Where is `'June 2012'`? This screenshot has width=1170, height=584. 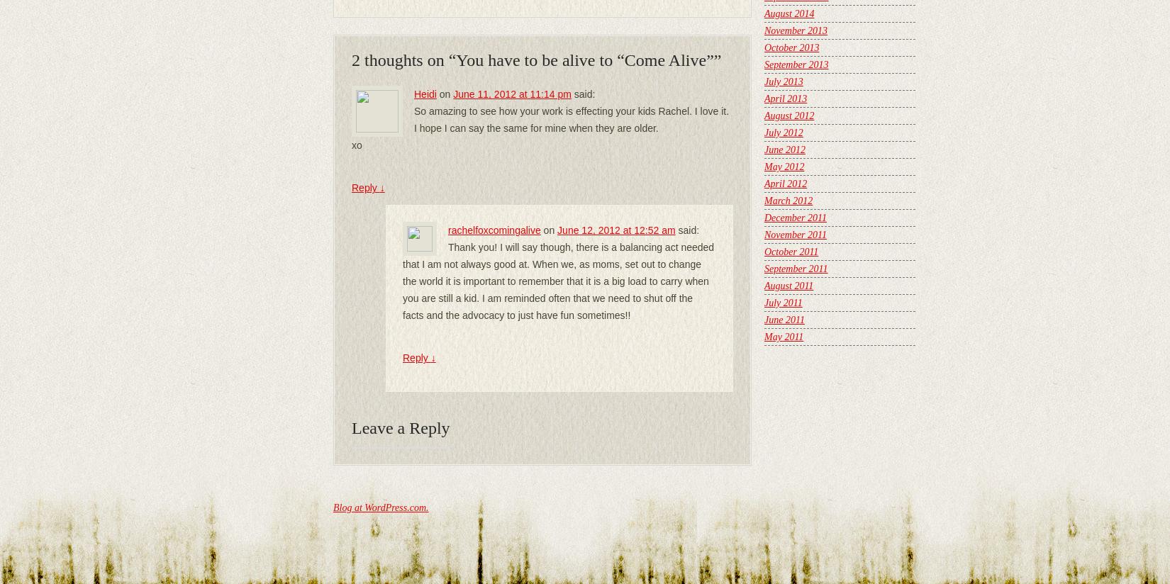 'June 2012' is located at coordinates (784, 149).